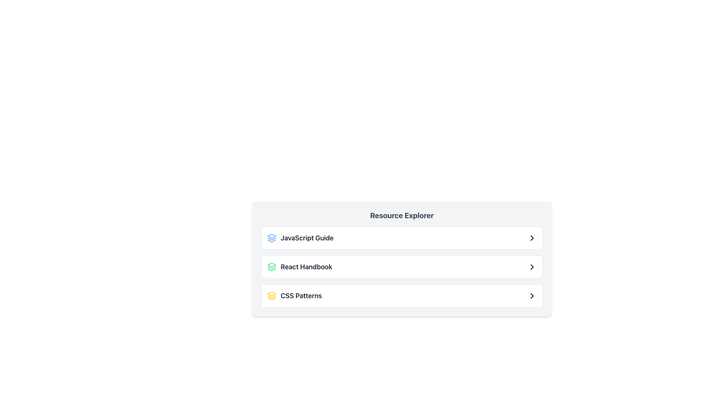 The width and height of the screenshot is (711, 400). Describe the element at coordinates (300, 238) in the screenshot. I see `the 'JavaScript Guide' element, which consists of a blue outlined icon of a stack of layers and a bold dark text label, to initiate navigation` at that location.